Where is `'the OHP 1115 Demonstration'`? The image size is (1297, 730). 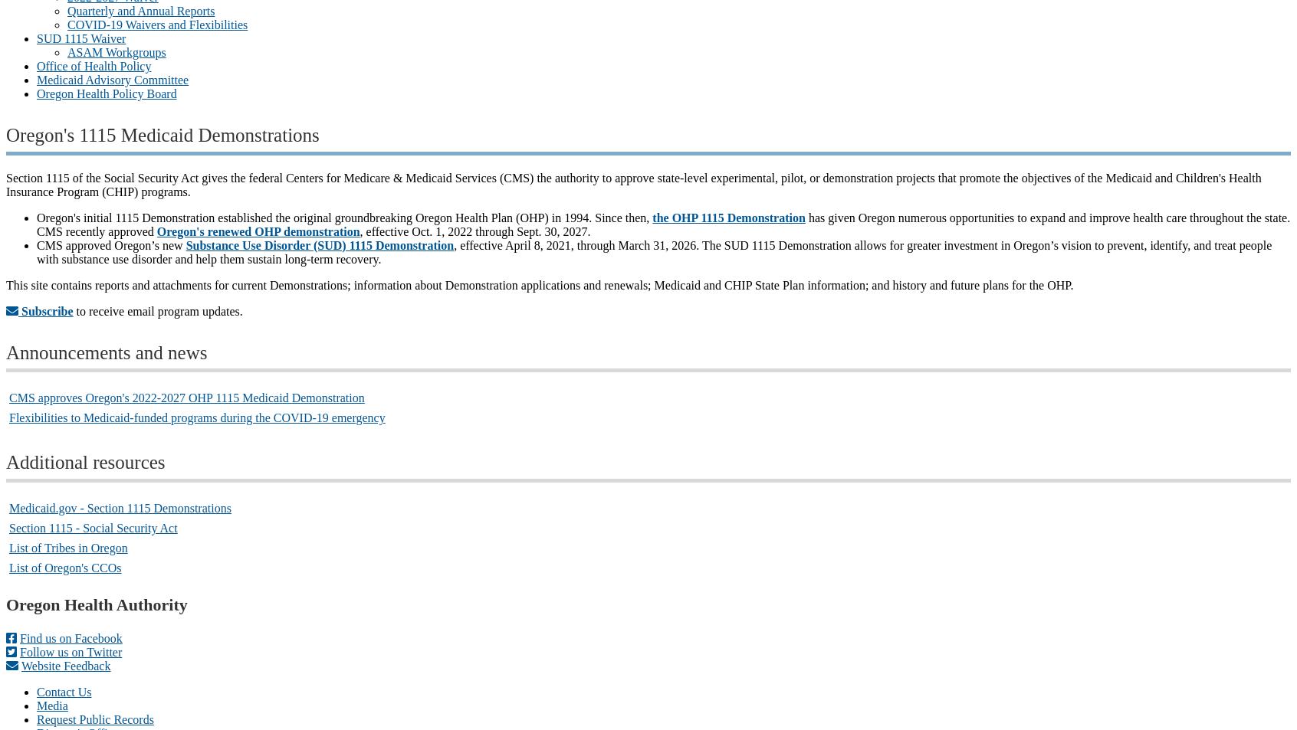
'the OHP 1115 Demonstration' is located at coordinates (728, 216).